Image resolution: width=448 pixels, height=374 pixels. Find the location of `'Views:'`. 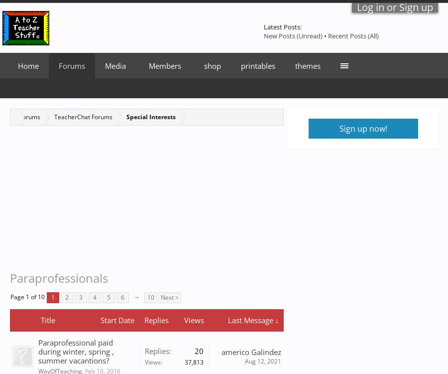

'Views:' is located at coordinates (144, 361).